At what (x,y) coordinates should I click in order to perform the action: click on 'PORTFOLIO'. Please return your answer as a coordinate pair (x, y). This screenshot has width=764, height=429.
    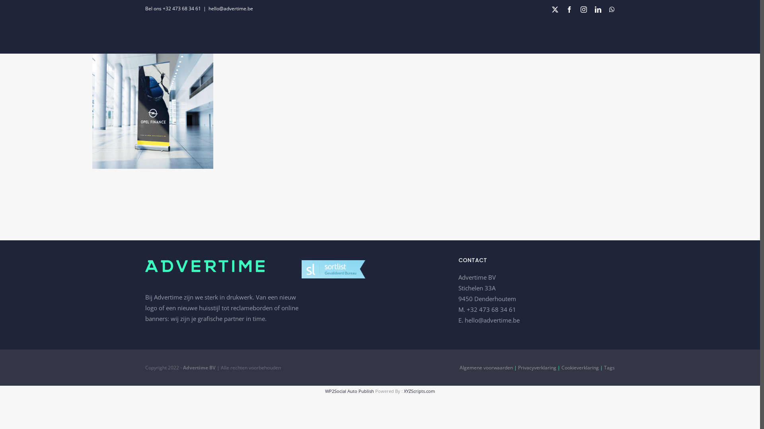
    Looking at the image, I should click on (516, 34).